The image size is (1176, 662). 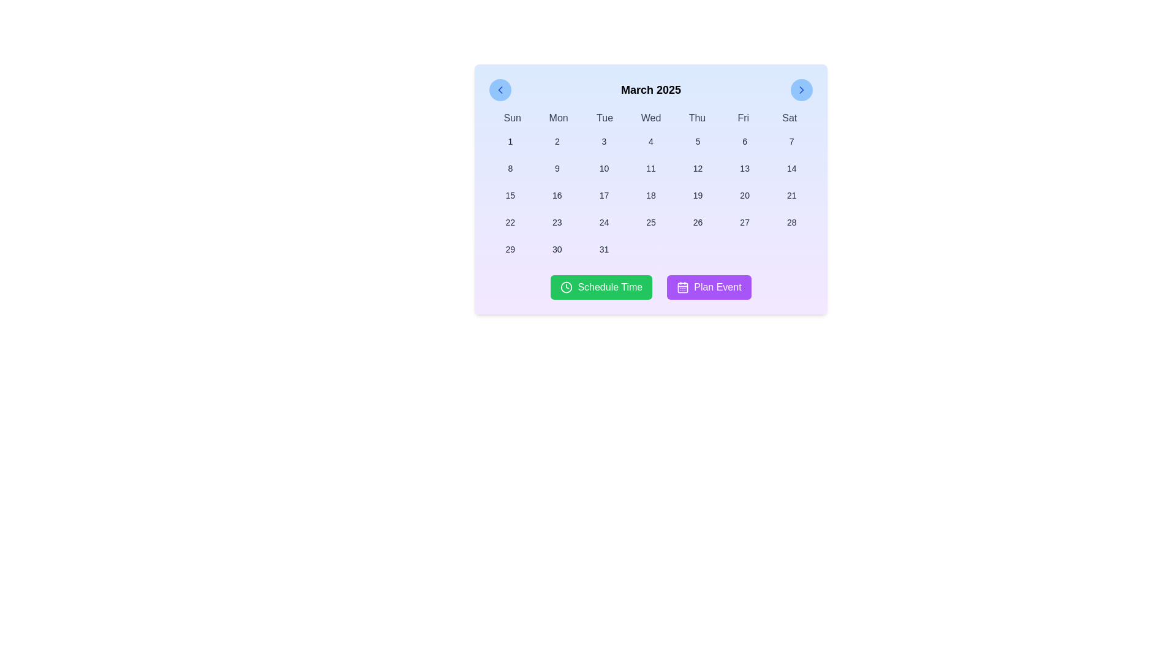 What do you see at coordinates (510, 195) in the screenshot?
I see `the selectable day button for date '15' located in the fourth row and first column of the calendar interface` at bounding box center [510, 195].